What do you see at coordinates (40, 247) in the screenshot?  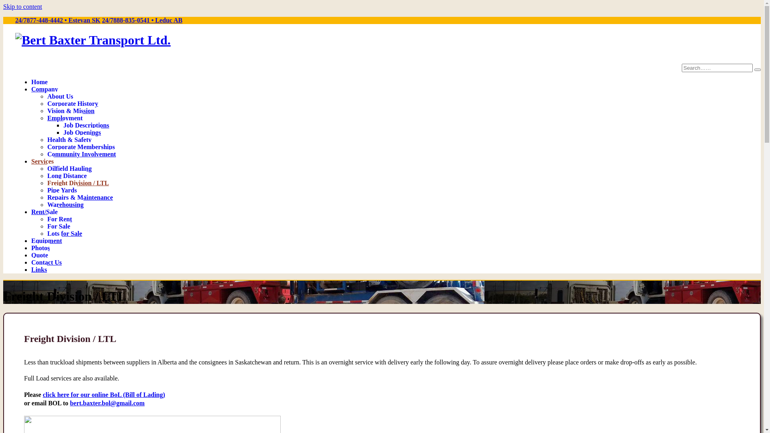 I see `'Photos'` at bounding box center [40, 247].